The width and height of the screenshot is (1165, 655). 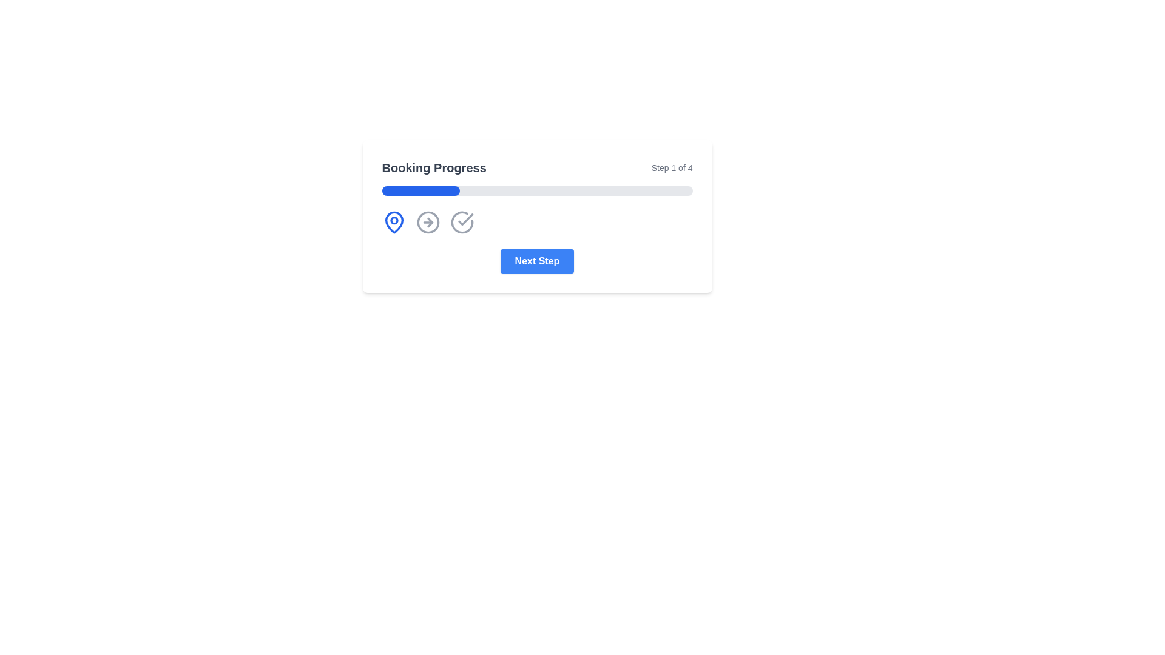 I want to click on the progress bar indicating 25% completion, which is located below the 'Booking Progress' title and above the step icons, so click(x=536, y=191).